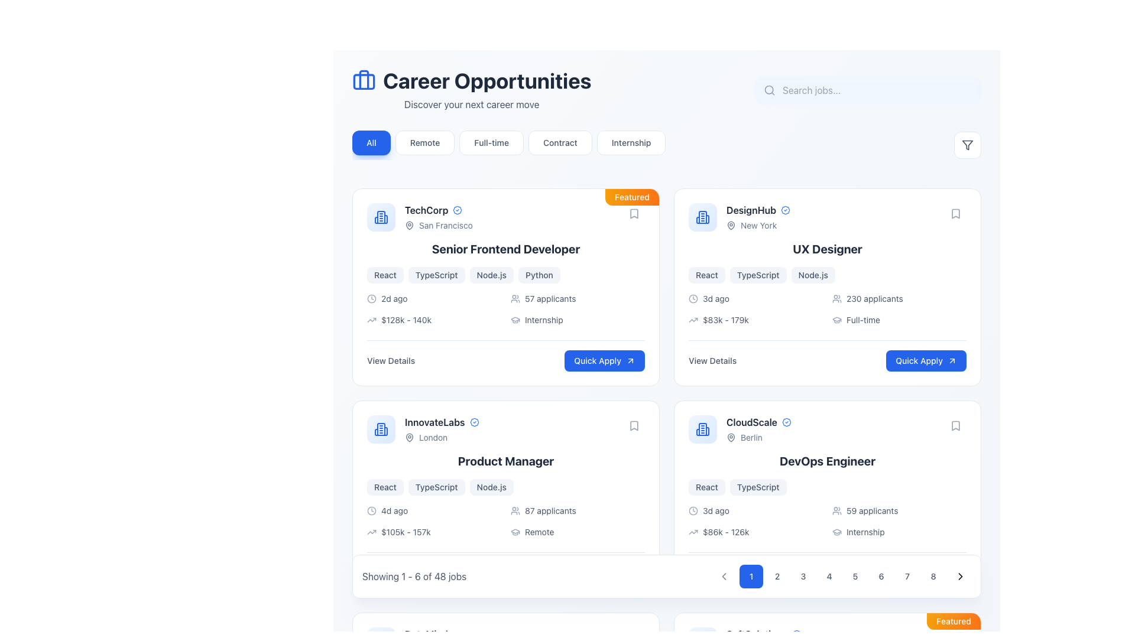  Describe the element at coordinates (634, 426) in the screenshot. I see `the bookmark icon located in the top-right corner of the 'InnovateLabs' job posting card` at that location.